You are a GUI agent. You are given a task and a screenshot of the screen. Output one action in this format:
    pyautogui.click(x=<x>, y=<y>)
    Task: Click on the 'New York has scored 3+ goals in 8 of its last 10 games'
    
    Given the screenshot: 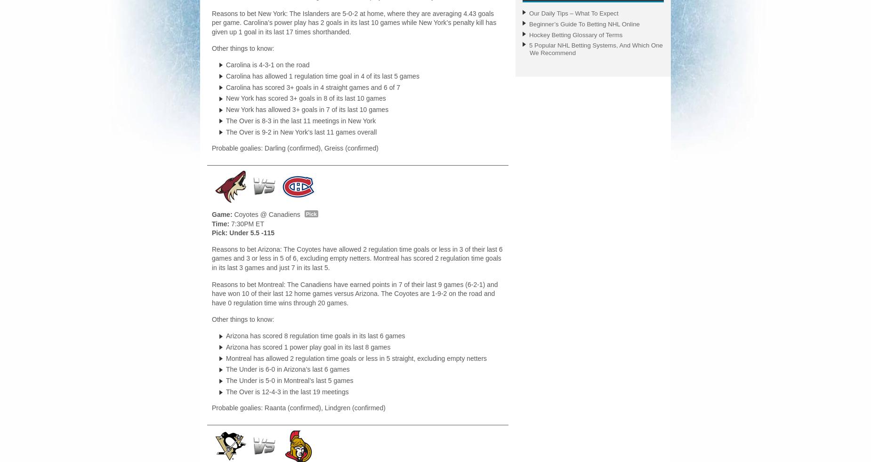 What is the action you would take?
    pyautogui.click(x=306, y=97)
    